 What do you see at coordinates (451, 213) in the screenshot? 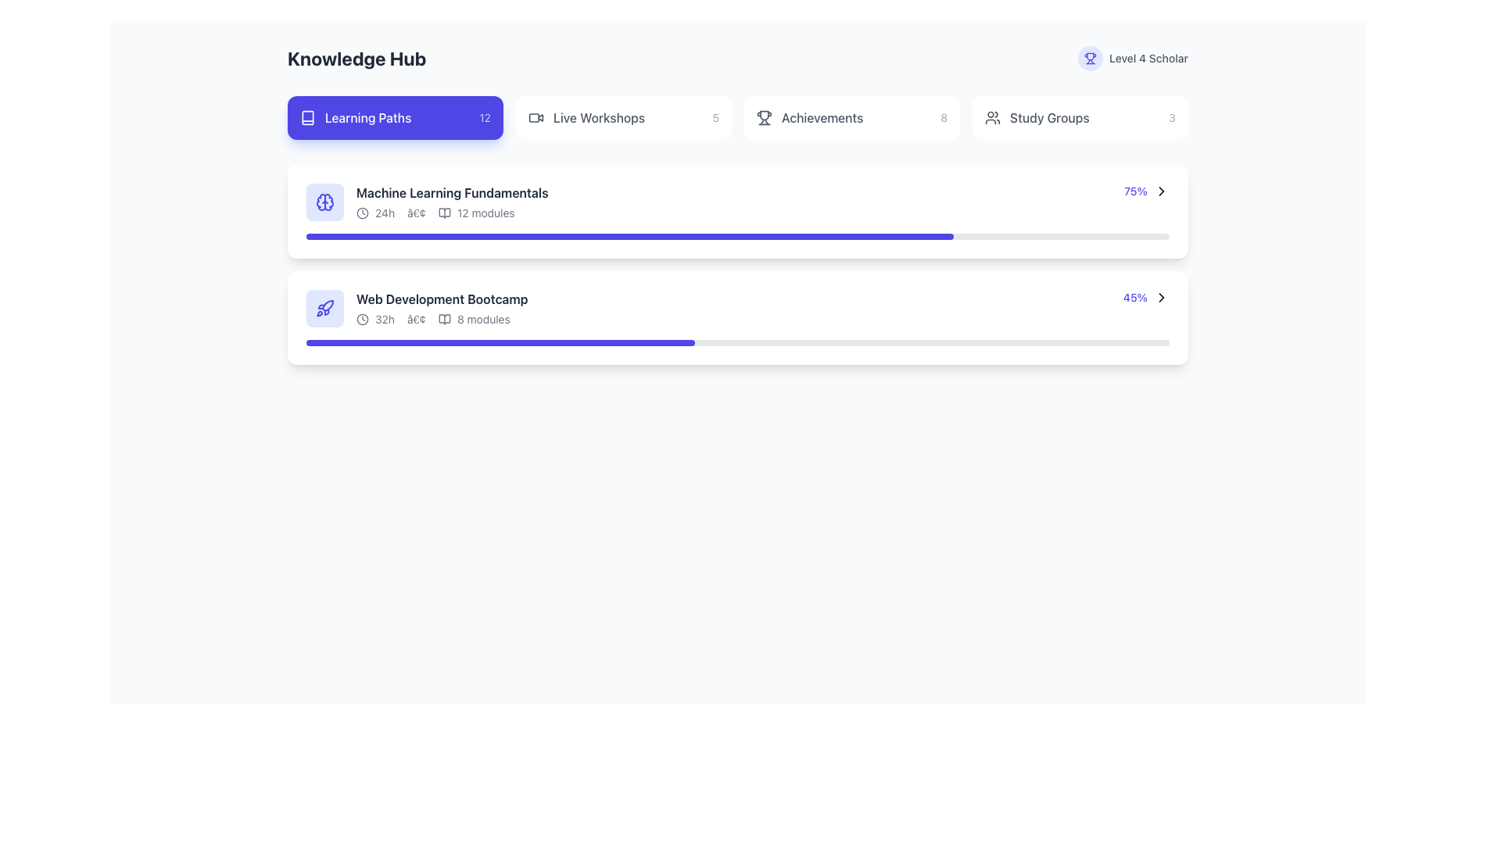
I see `summarized information about the duration and module count of the 'Machine Learning Fundamentals' course, located in the course summary section within the 'Learning Paths' tab` at bounding box center [451, 213].